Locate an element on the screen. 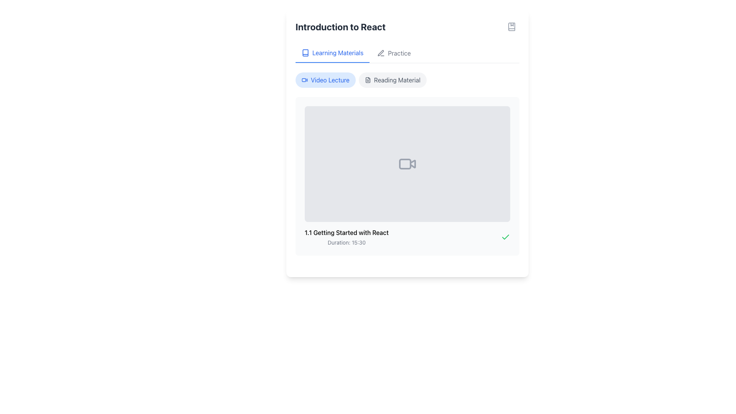 The height and width of the screenshot is (414, 736). the green checkmark icon indicating completion, located to the right of the '1.1 Getting Started with React' section and adjacent to the duration text 'Duration: 15:30' is located at coordinates (506, 237).